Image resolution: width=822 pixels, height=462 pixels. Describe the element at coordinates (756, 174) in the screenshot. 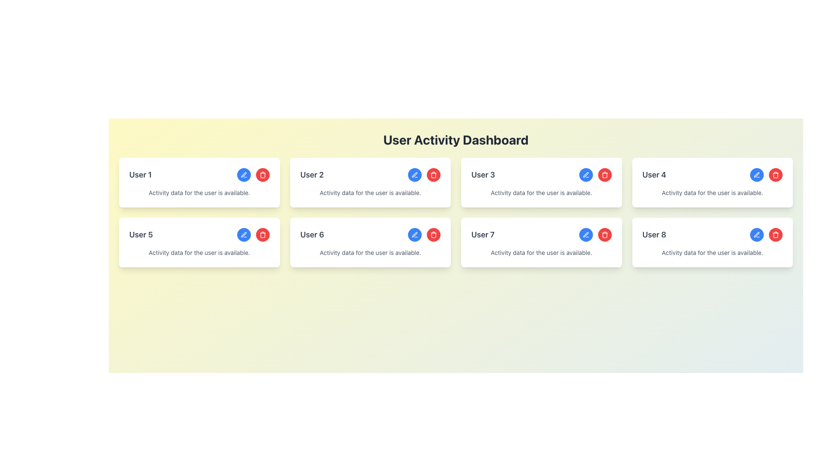

I see `the blue circular button with a pen icon located in the top-right corner of the 'User 4' card` at that location.